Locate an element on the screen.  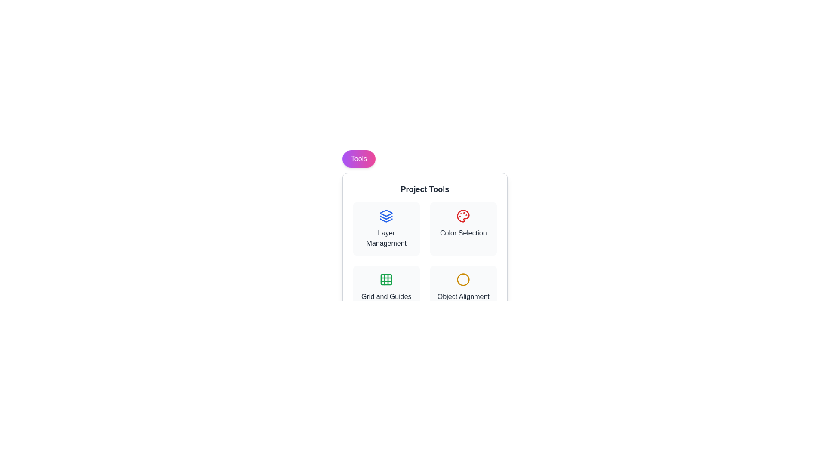
the color selection tool icon, which is the first icon in the second column of a 2x2 grid layout in the 'Color Selection' card is located at coordinates (463, 215).